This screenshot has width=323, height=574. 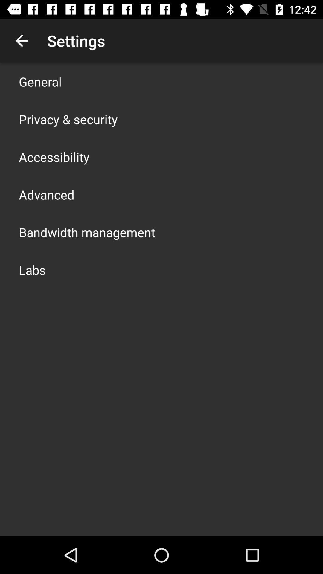 I want to click on the item below the accessibility icon, so click(x=46, y=195).